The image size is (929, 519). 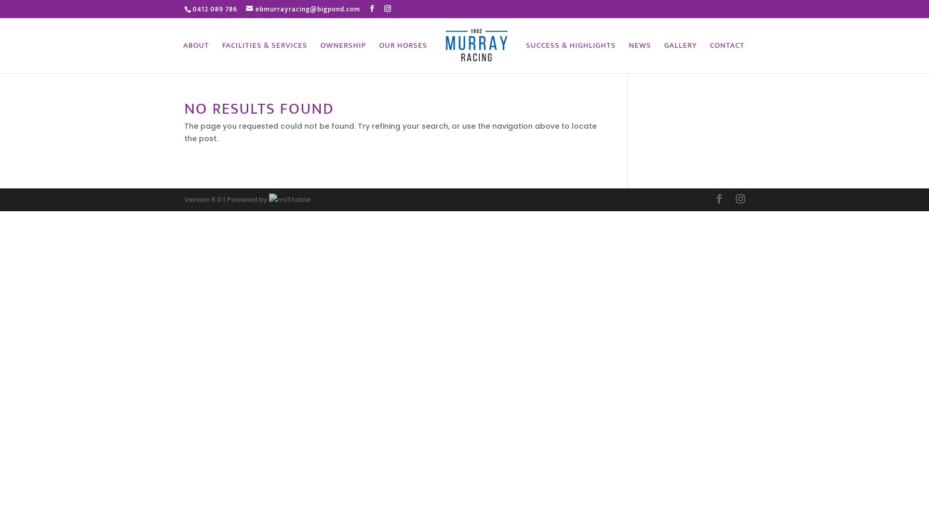 What do you see at coordinates (214, 9) in the screenshot?
I see `'0412 089 786'` at bounding box center [214, 9].